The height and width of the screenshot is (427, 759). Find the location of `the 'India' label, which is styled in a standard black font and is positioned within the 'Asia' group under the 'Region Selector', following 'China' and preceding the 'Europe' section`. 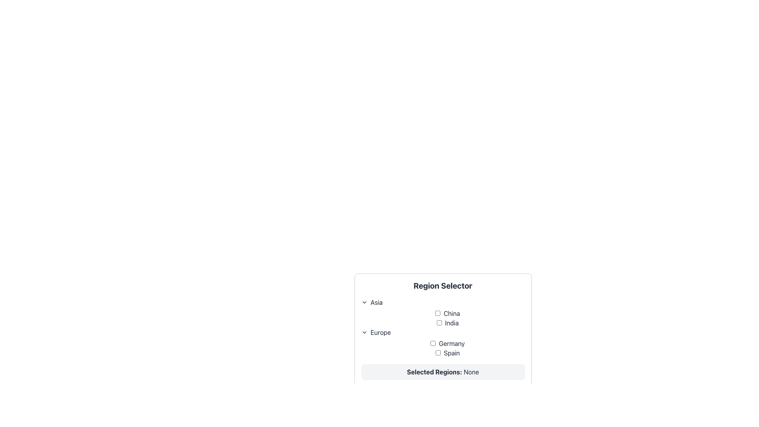

the 'India' label, which is styled in a standard black font and is positioned within the 'Asia' group under the 'Region Selector', following 'China' and preceding the 'Europe' section is located at coordinates (447, 323).